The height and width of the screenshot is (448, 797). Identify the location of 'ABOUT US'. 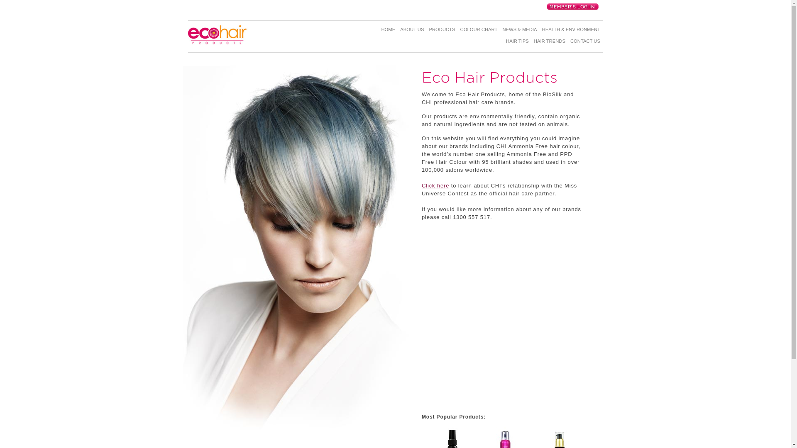
(397, 30).